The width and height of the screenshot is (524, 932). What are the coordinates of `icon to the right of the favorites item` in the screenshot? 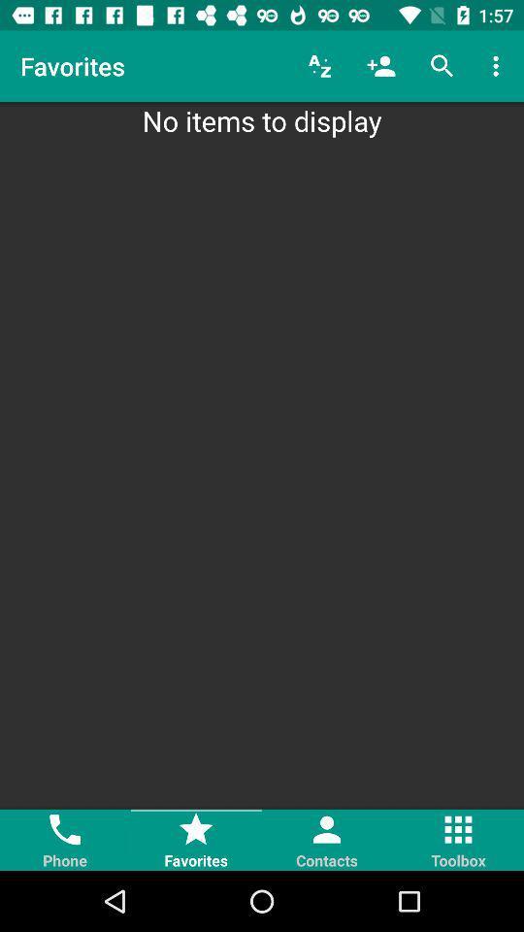 It's located at (319, 66).